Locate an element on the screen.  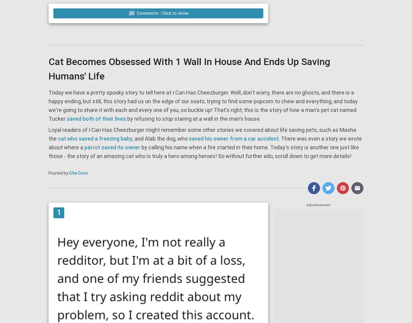
'parrot saved its owner' is located at coordinates (112, 147).